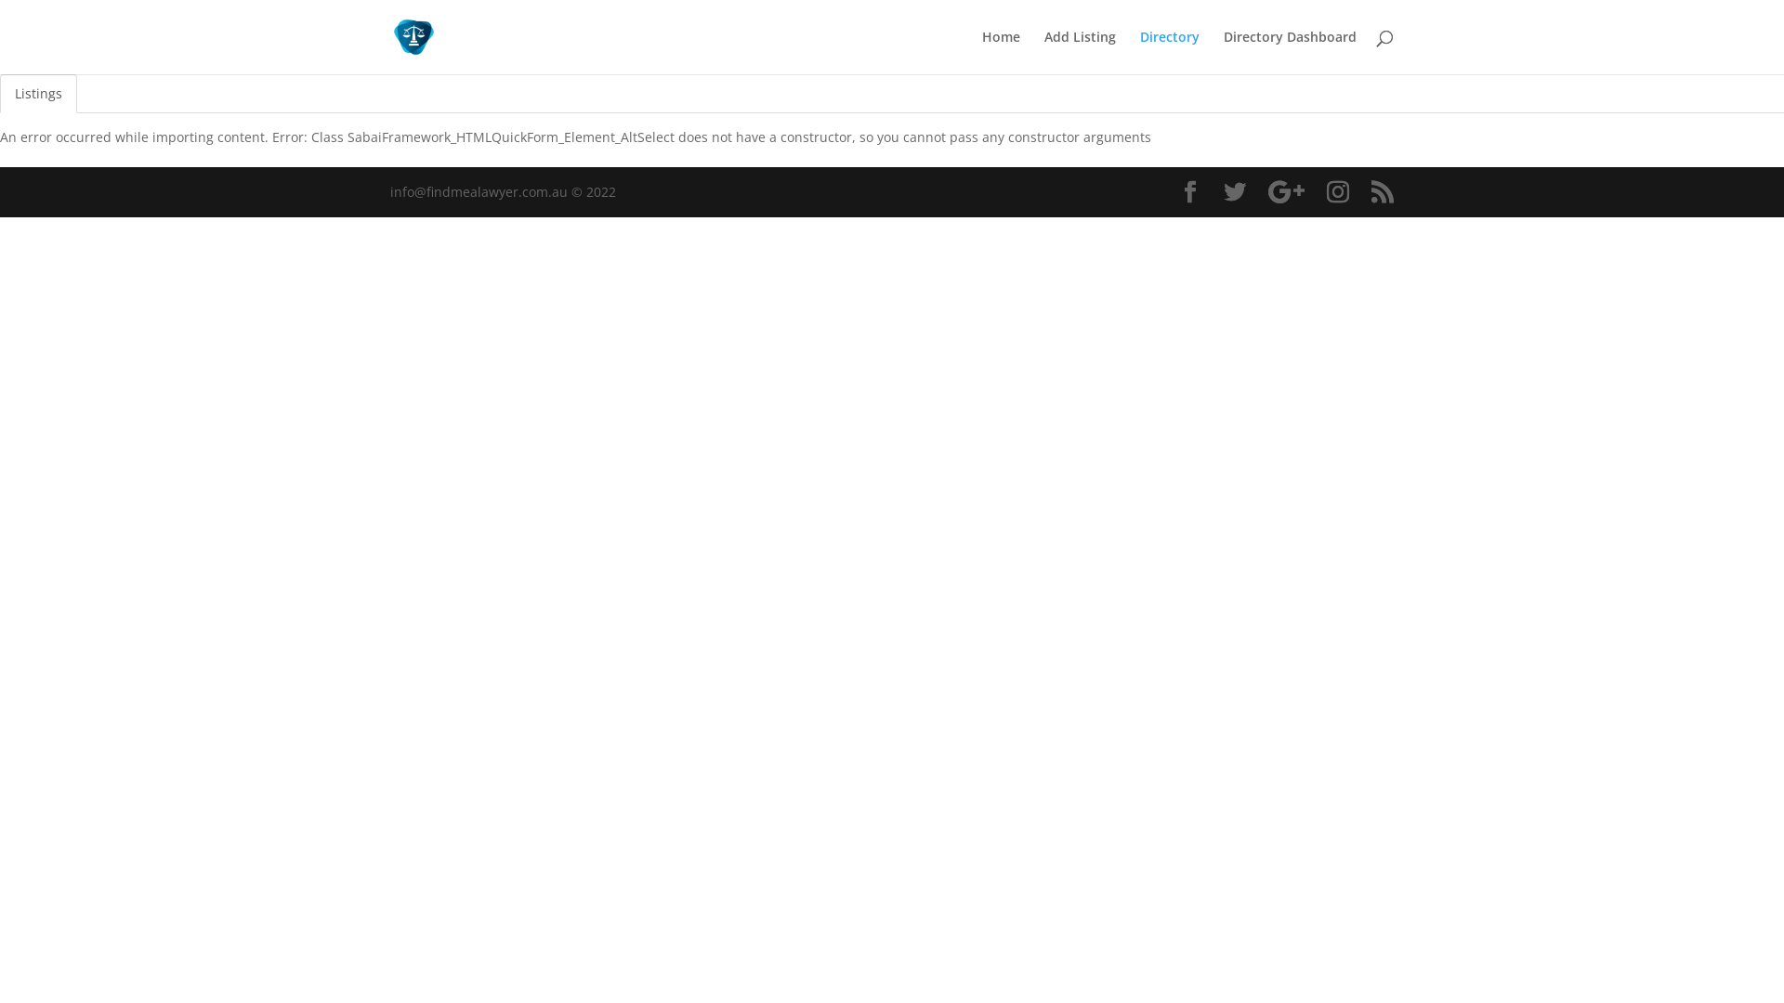  I want to click on 'Listings', so click(38, 93).